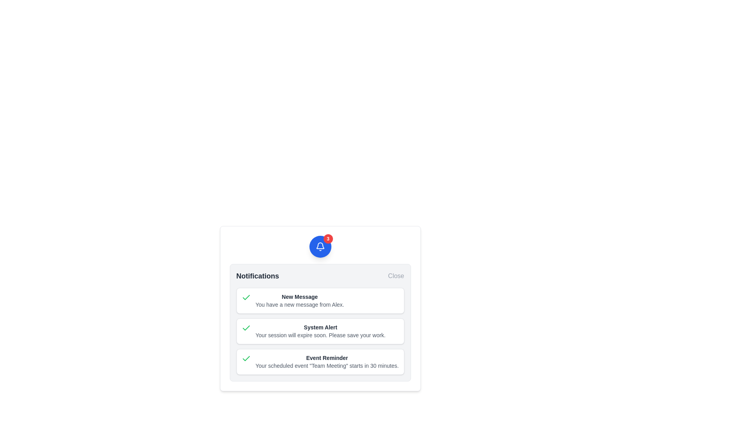 The height and width of the screenshot is (423, 753). What do you see at coordinates (246, 358) in the screenshot?
I see `the 'Event Reminder' icon located on the left side of the bottom notification item in the notifications panel to confirm the associated notification` at bounding box center [246, 358].